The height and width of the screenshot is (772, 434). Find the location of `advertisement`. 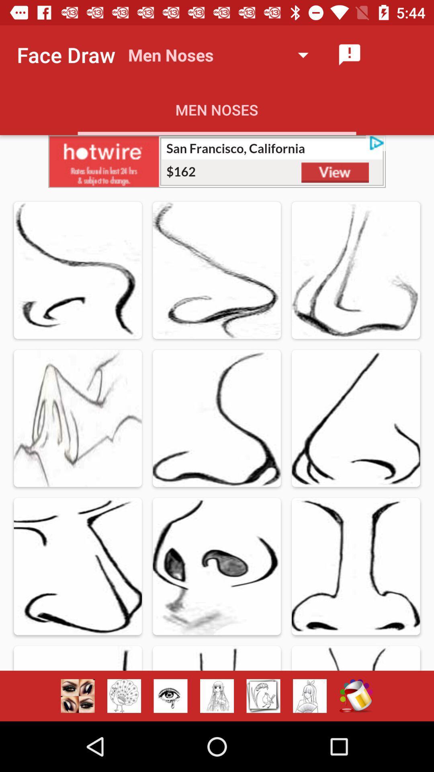

advertisement is located at coordinates (217, 161).